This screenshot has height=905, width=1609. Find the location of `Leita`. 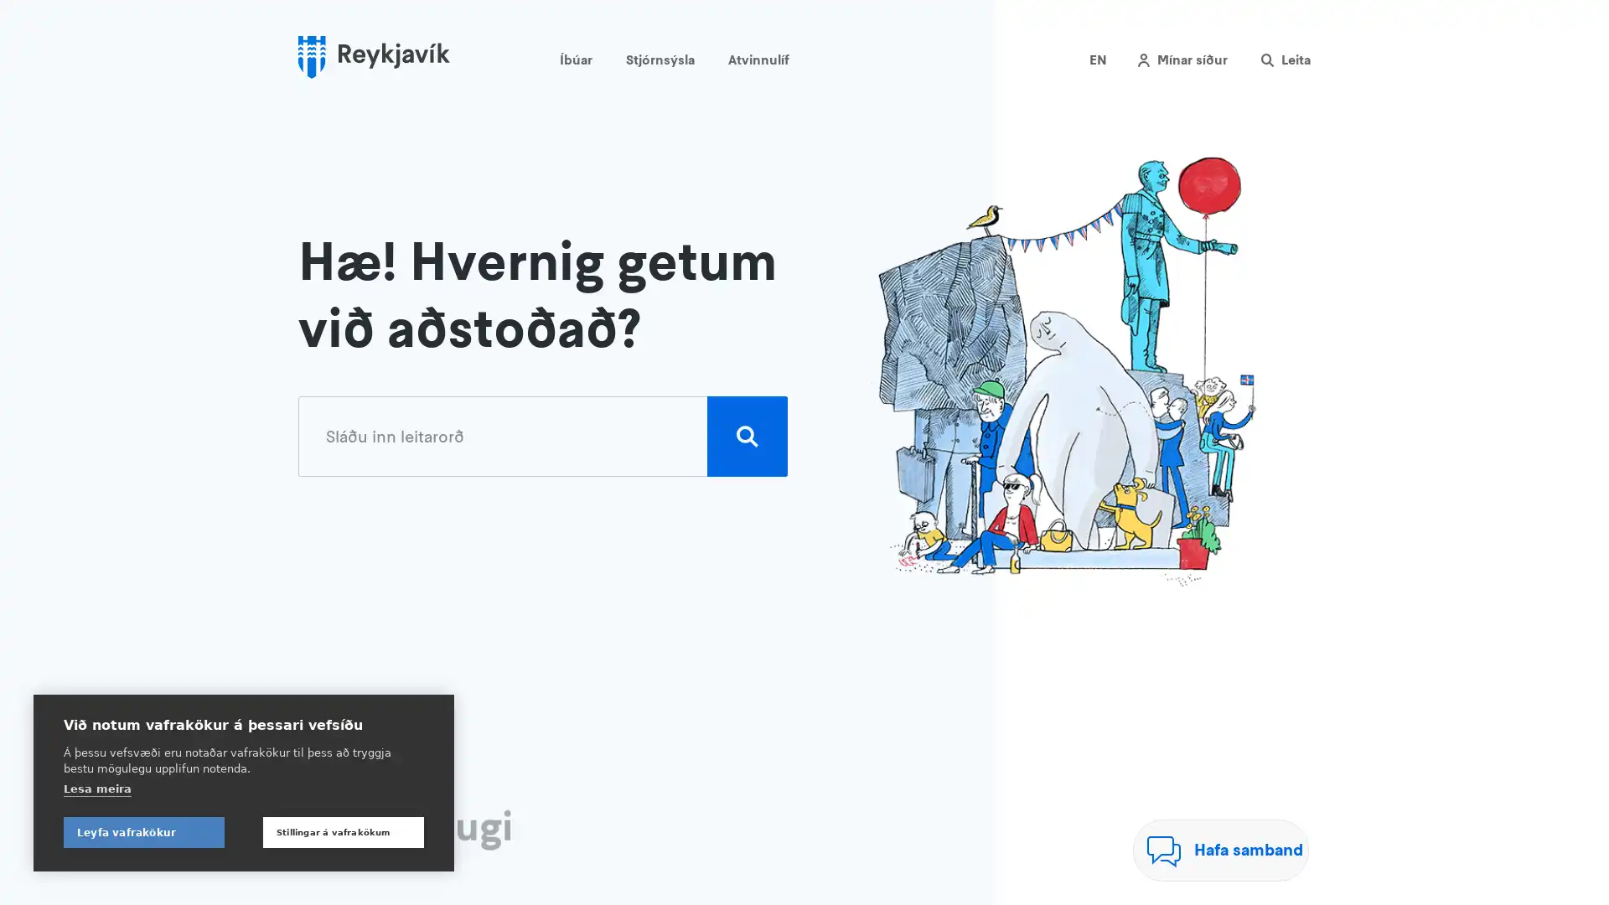

Leita is located at coordinates (747, 435).